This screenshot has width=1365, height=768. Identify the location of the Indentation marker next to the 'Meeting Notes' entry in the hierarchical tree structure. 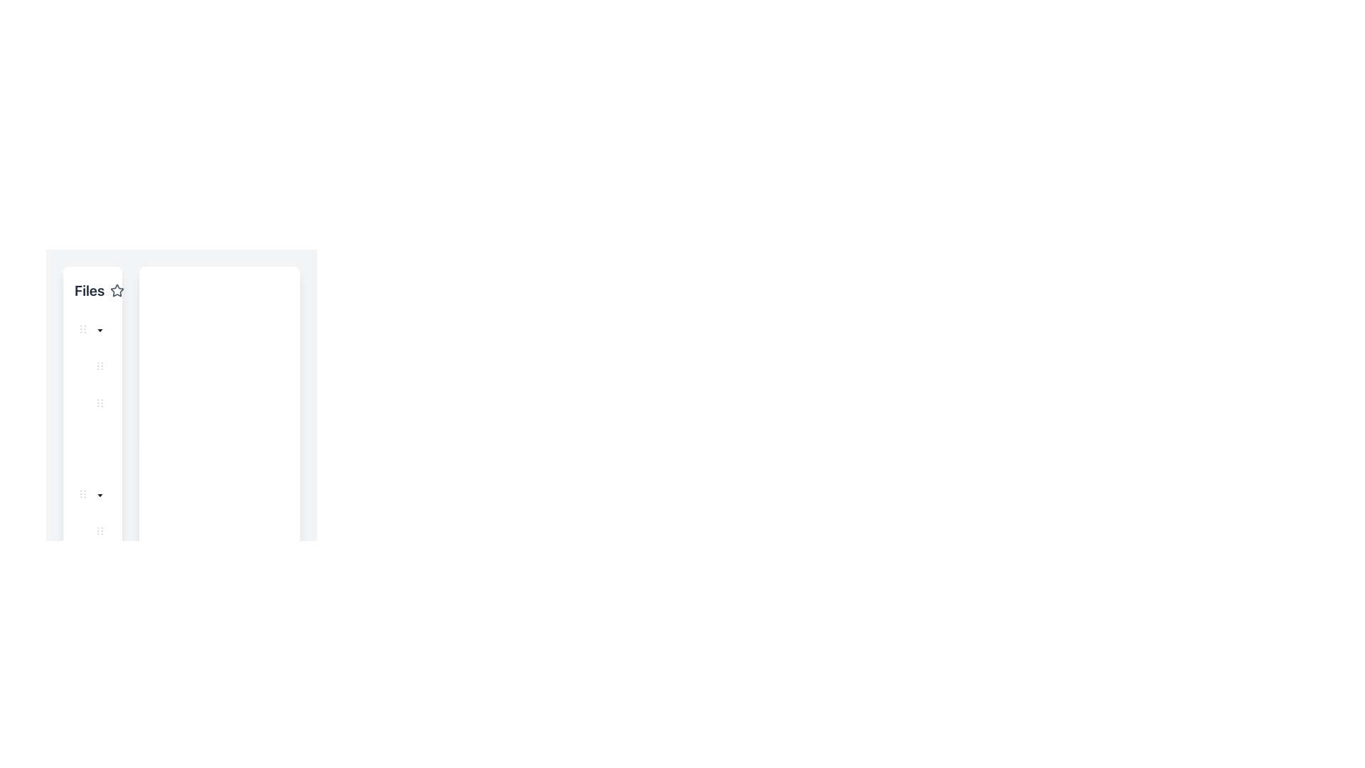
(82, 419).